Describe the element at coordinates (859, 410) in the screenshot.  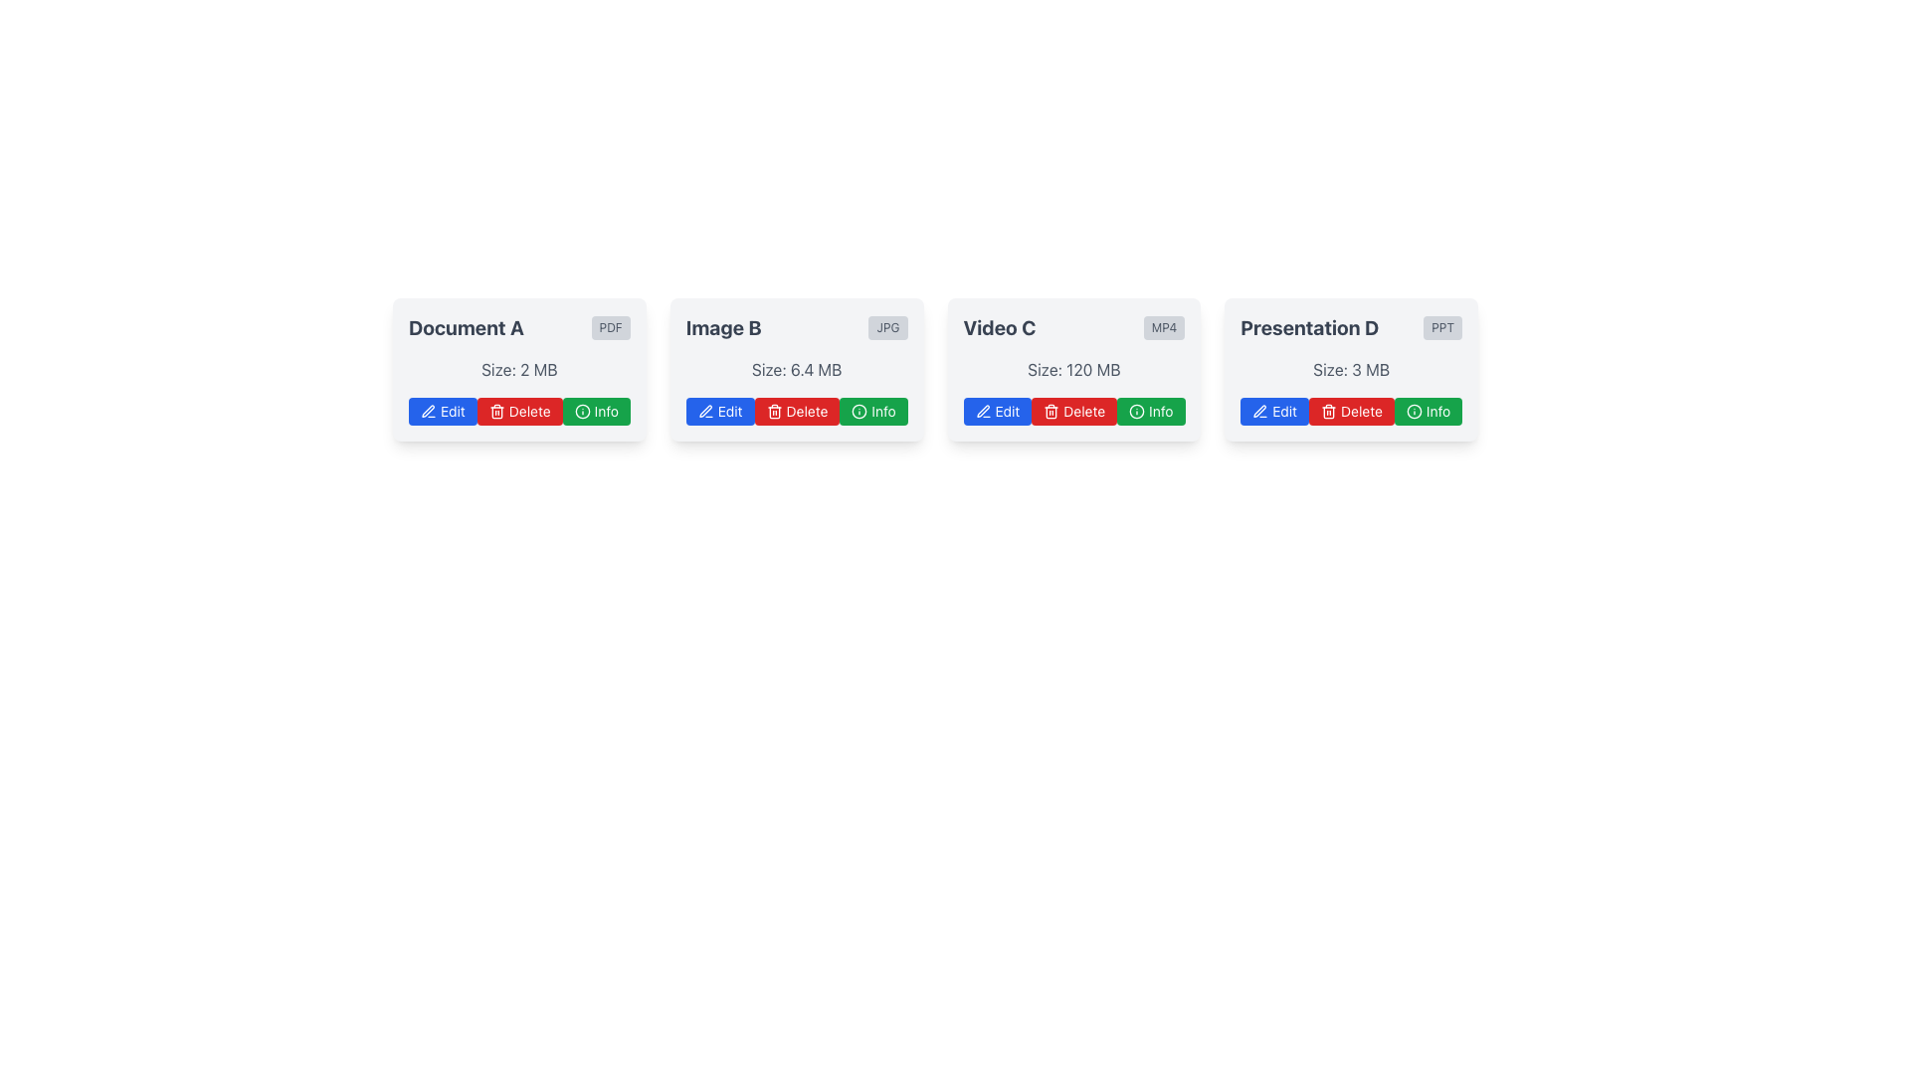
I see `the small circular SVG icon depicting information, which is located in the top-left corner of the 'Info' button within the 'Image B' card` at that location.